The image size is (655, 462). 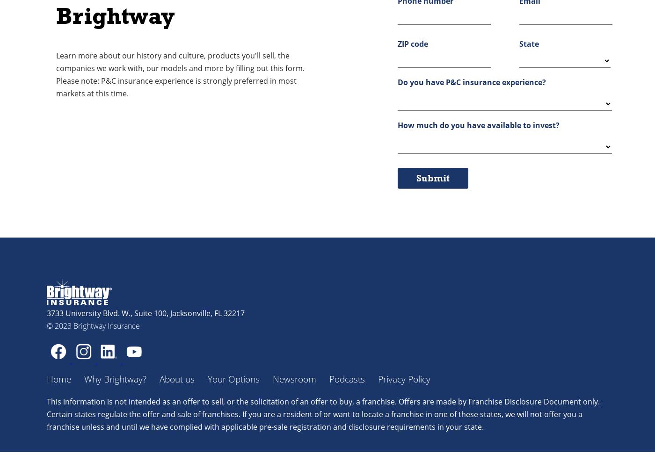 I want to click on 'About us', so click(x=177, y=379).